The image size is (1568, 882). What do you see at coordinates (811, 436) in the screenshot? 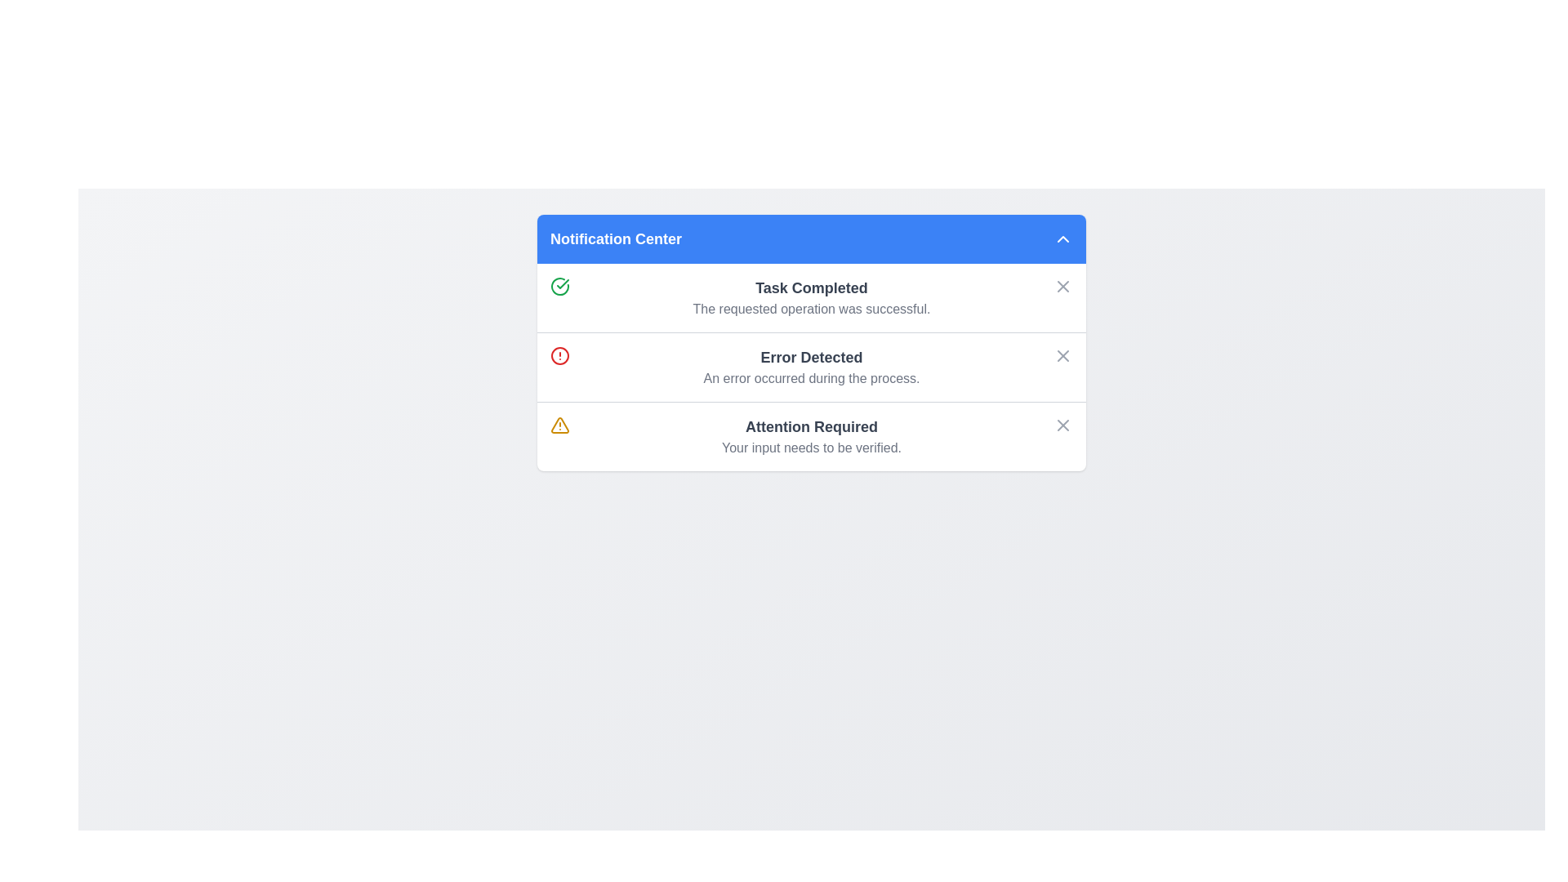
I see `the text display panel that shows 'Attention Required' and 'Your input needs to be verified.'` at bounding box center [811, 436].